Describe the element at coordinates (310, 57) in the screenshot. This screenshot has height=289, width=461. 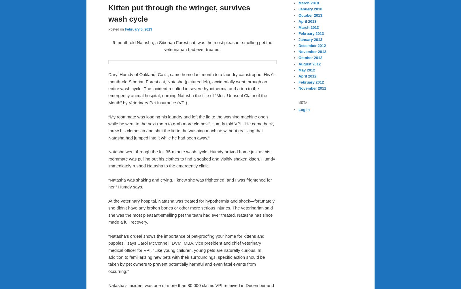
I see `'October 2012'` at that location.